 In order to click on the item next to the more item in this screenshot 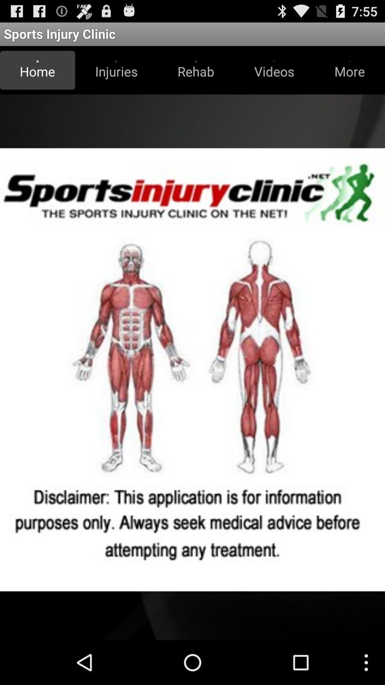, I will do `click(274, 70)`.